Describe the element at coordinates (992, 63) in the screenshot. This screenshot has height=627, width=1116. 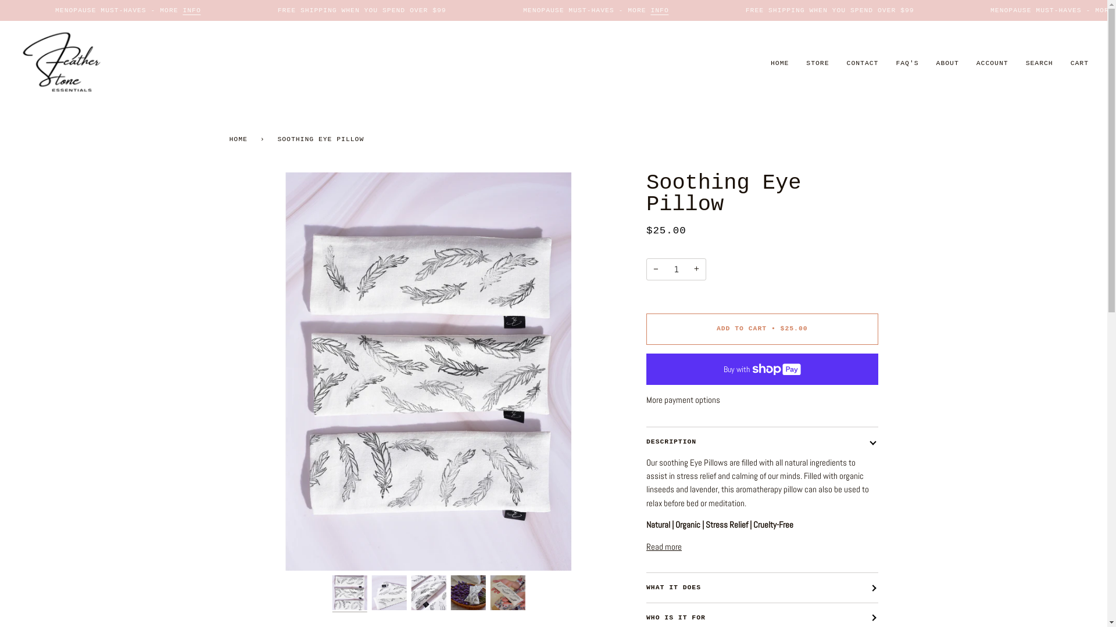
I see `'ACCOUNT'` at that location.